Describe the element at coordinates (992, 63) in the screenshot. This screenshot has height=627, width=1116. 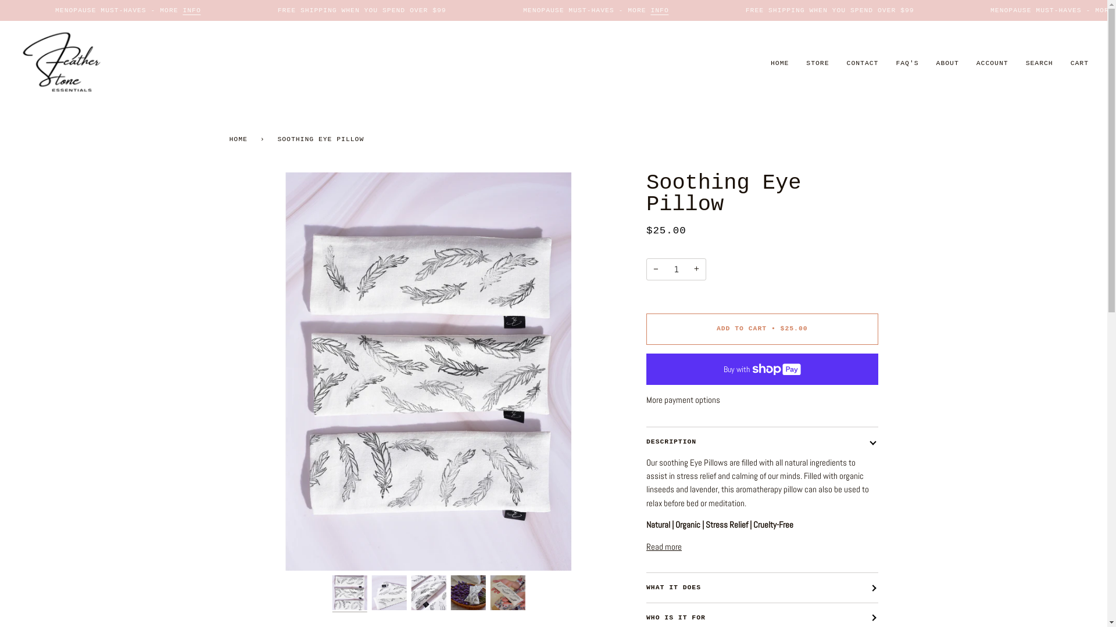
I see `'ACCOUNT'` at that location.